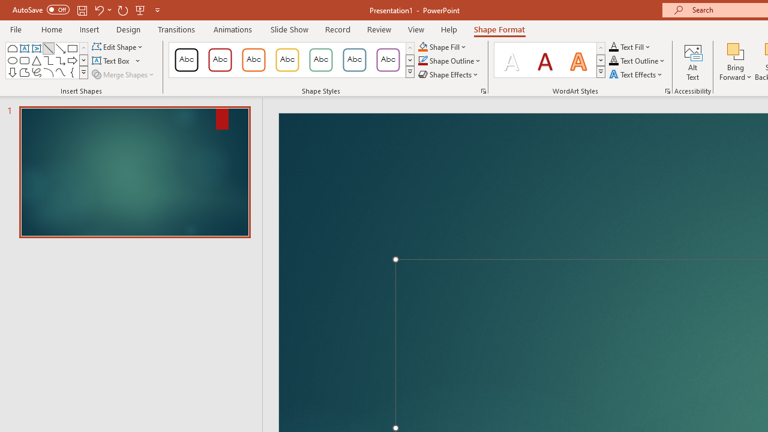  Describe the element at coordinates (186, 60) in the screenshot. I see `'Colored Outline - Black, Dark 1'` at that location.